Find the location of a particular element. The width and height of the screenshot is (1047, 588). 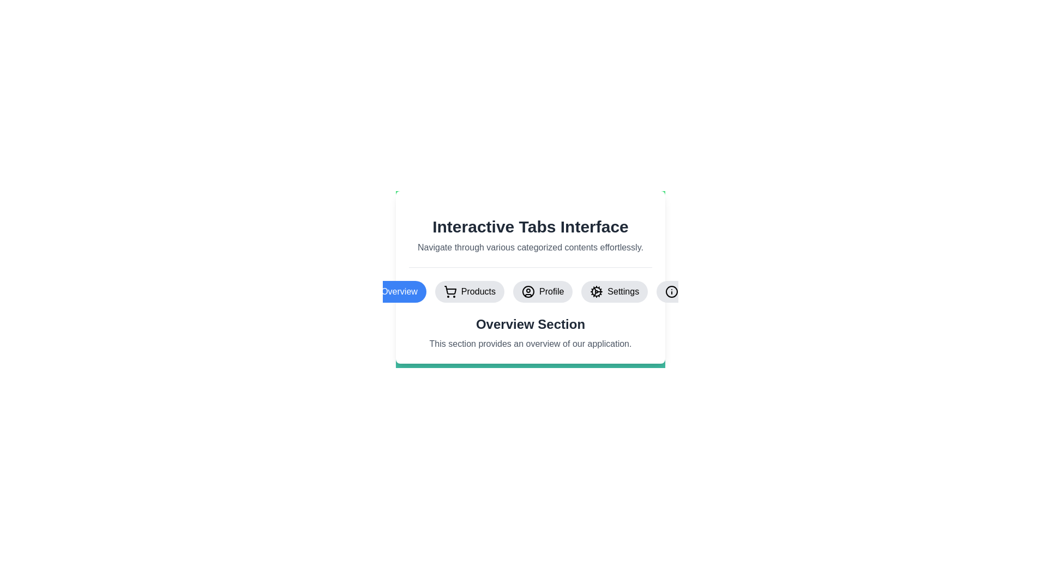

the 'Overview Section' text block element that displays a larger bold title and a smaller gray paragraph below it is located at coordinates (531, 333).